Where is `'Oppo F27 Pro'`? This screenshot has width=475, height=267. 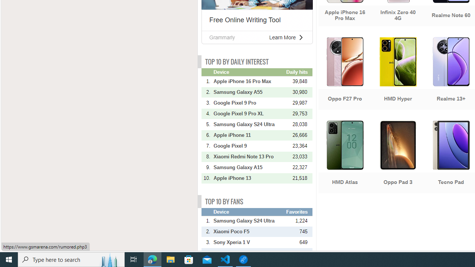 'Oppo F27 Pro' is located at coordinates (344, 74).